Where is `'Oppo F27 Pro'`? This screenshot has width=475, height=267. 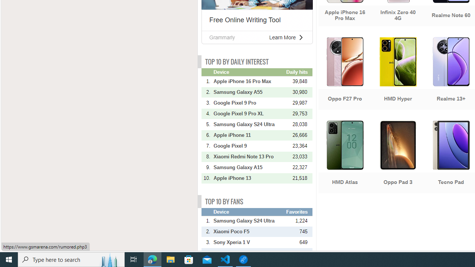 'Oppo F27 Pro' is located at coordinates (344, 74).